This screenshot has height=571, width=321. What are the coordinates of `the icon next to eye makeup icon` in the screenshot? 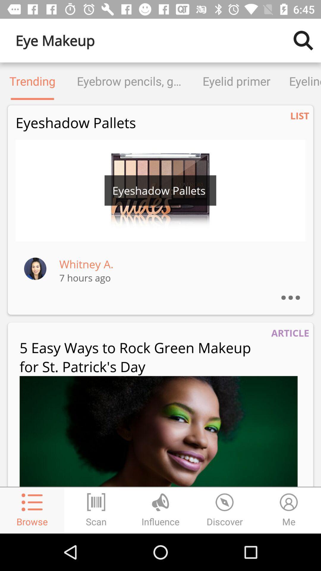 It's located at (303, 40).